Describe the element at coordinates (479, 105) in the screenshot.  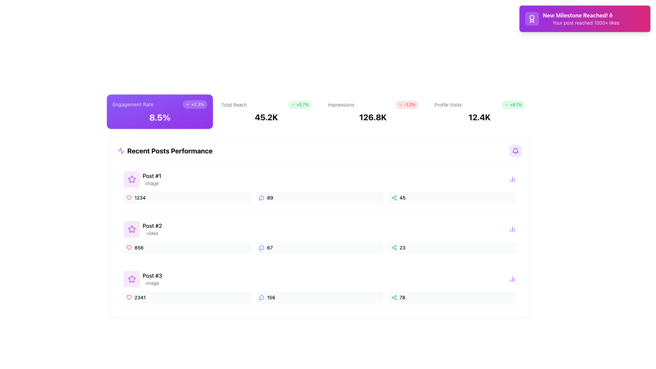
I see `the statistical indicator showing profile visits with percentage change, located to the right of the 'Profile Visits' panel, next to its green badge` at that location.